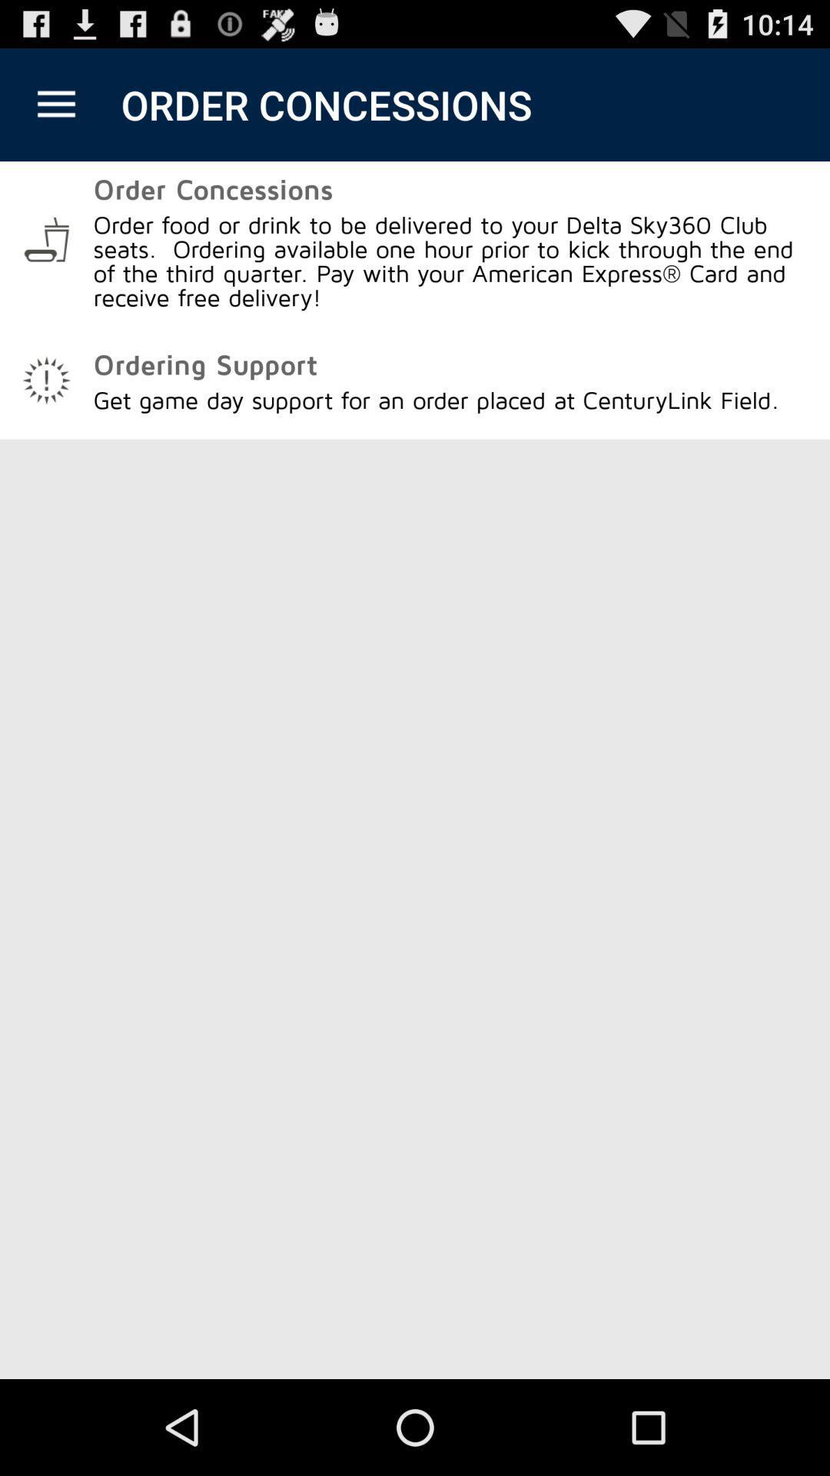 This screenshot has height=1476, width=830. Describe the element at coordinates (55, 104) in the screenshot. I see `the app to the left of the order concessions icon` at that location.